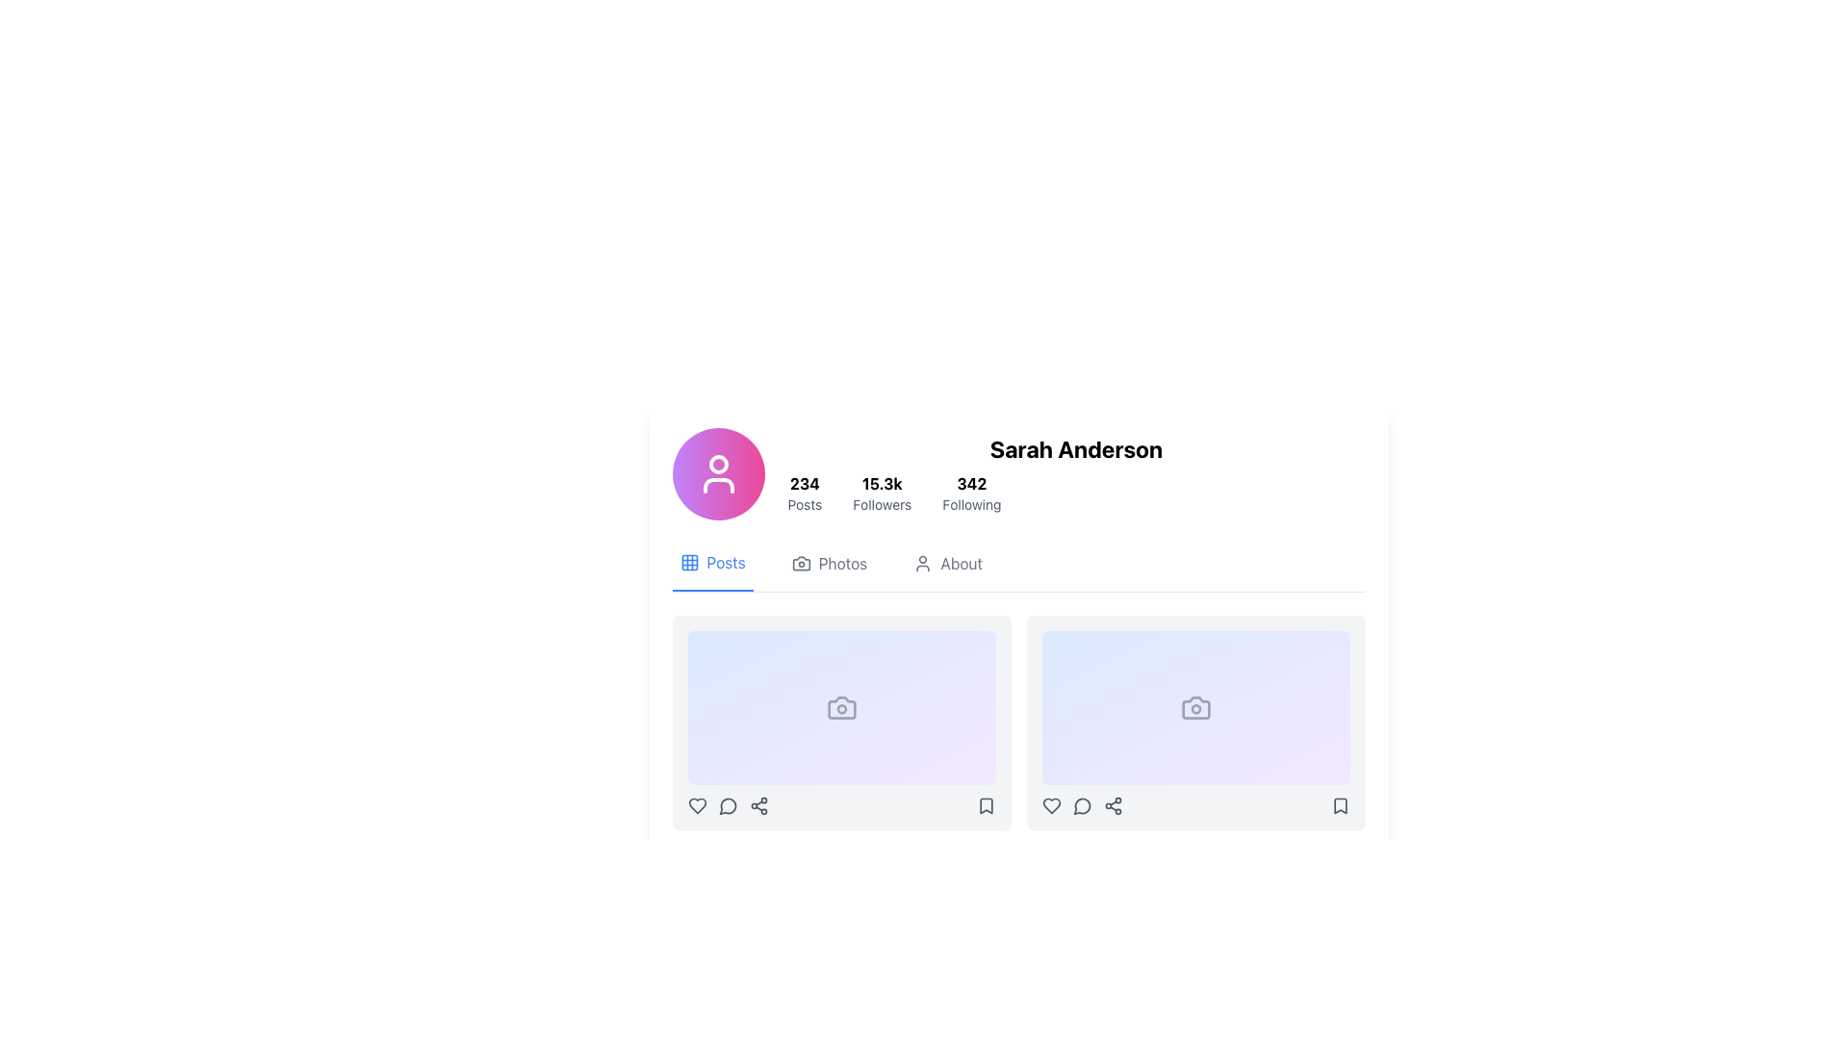 The height and width of the screenshot is (1039, 1848). What do you see at coordinates (1194, 708) in the screenshot?
I see `the camera outline icon styled in gray, located in the top center of the second card from the left below the 'Photos' tab` at bounding box center [1194, 708].